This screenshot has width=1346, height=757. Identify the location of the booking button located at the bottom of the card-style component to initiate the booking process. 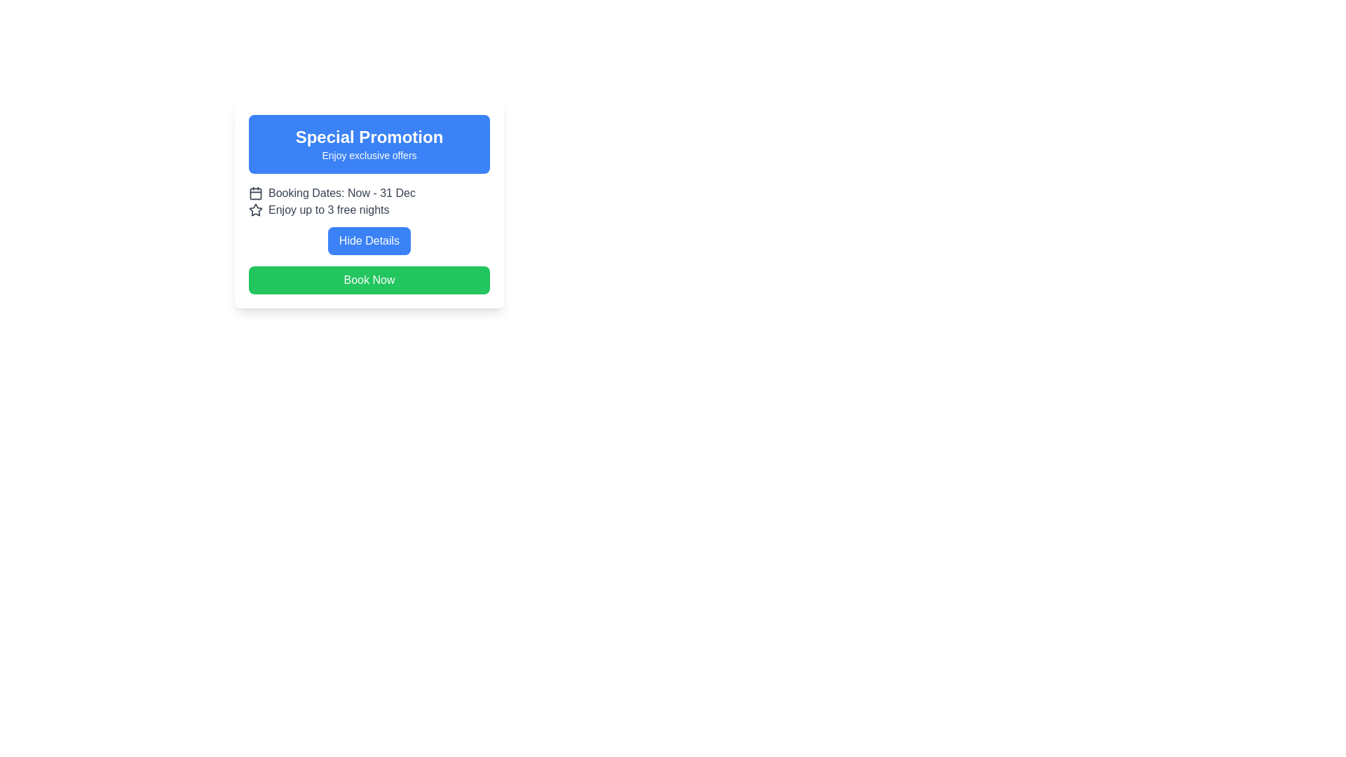
(369, 280).